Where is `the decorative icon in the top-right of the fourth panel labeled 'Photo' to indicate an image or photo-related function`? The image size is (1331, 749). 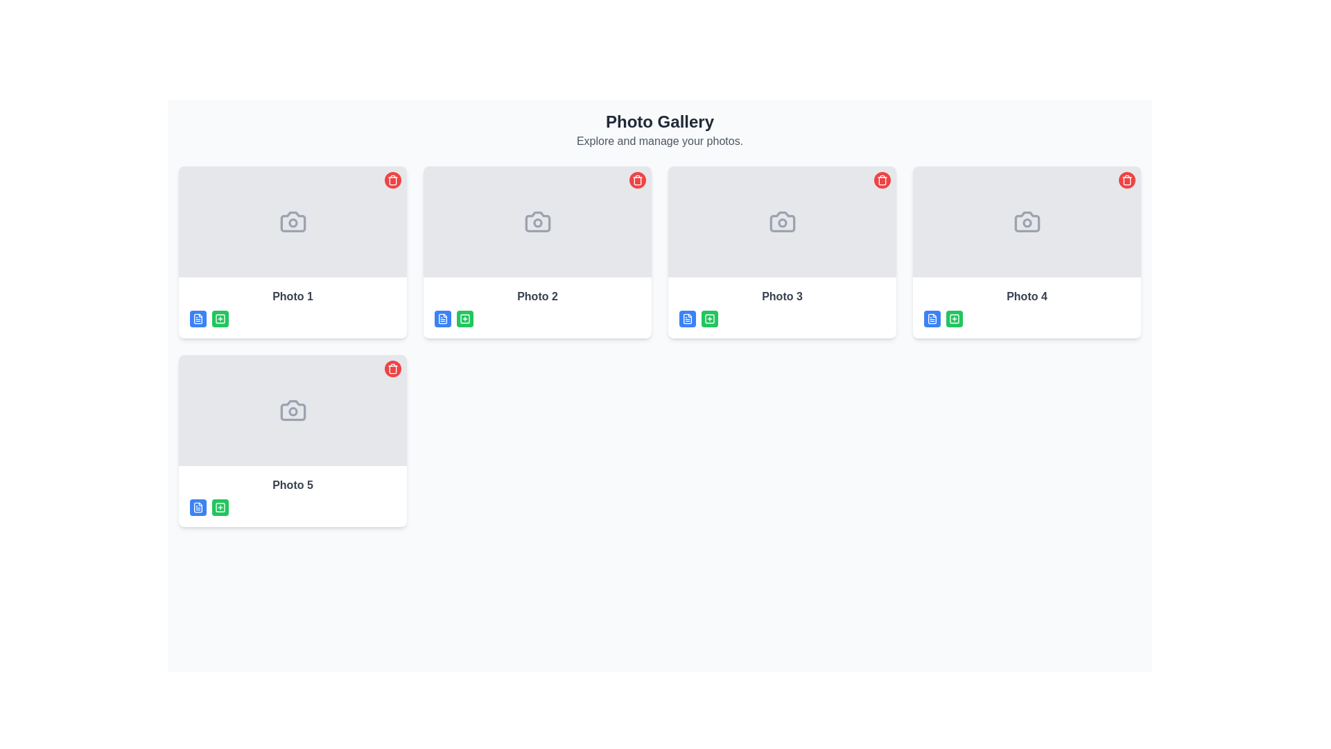
the decorative icon in the top-right of the fourth panel labeled 'Photo' to indicate an image or photo-related function is located at coordinates (1027, 221).